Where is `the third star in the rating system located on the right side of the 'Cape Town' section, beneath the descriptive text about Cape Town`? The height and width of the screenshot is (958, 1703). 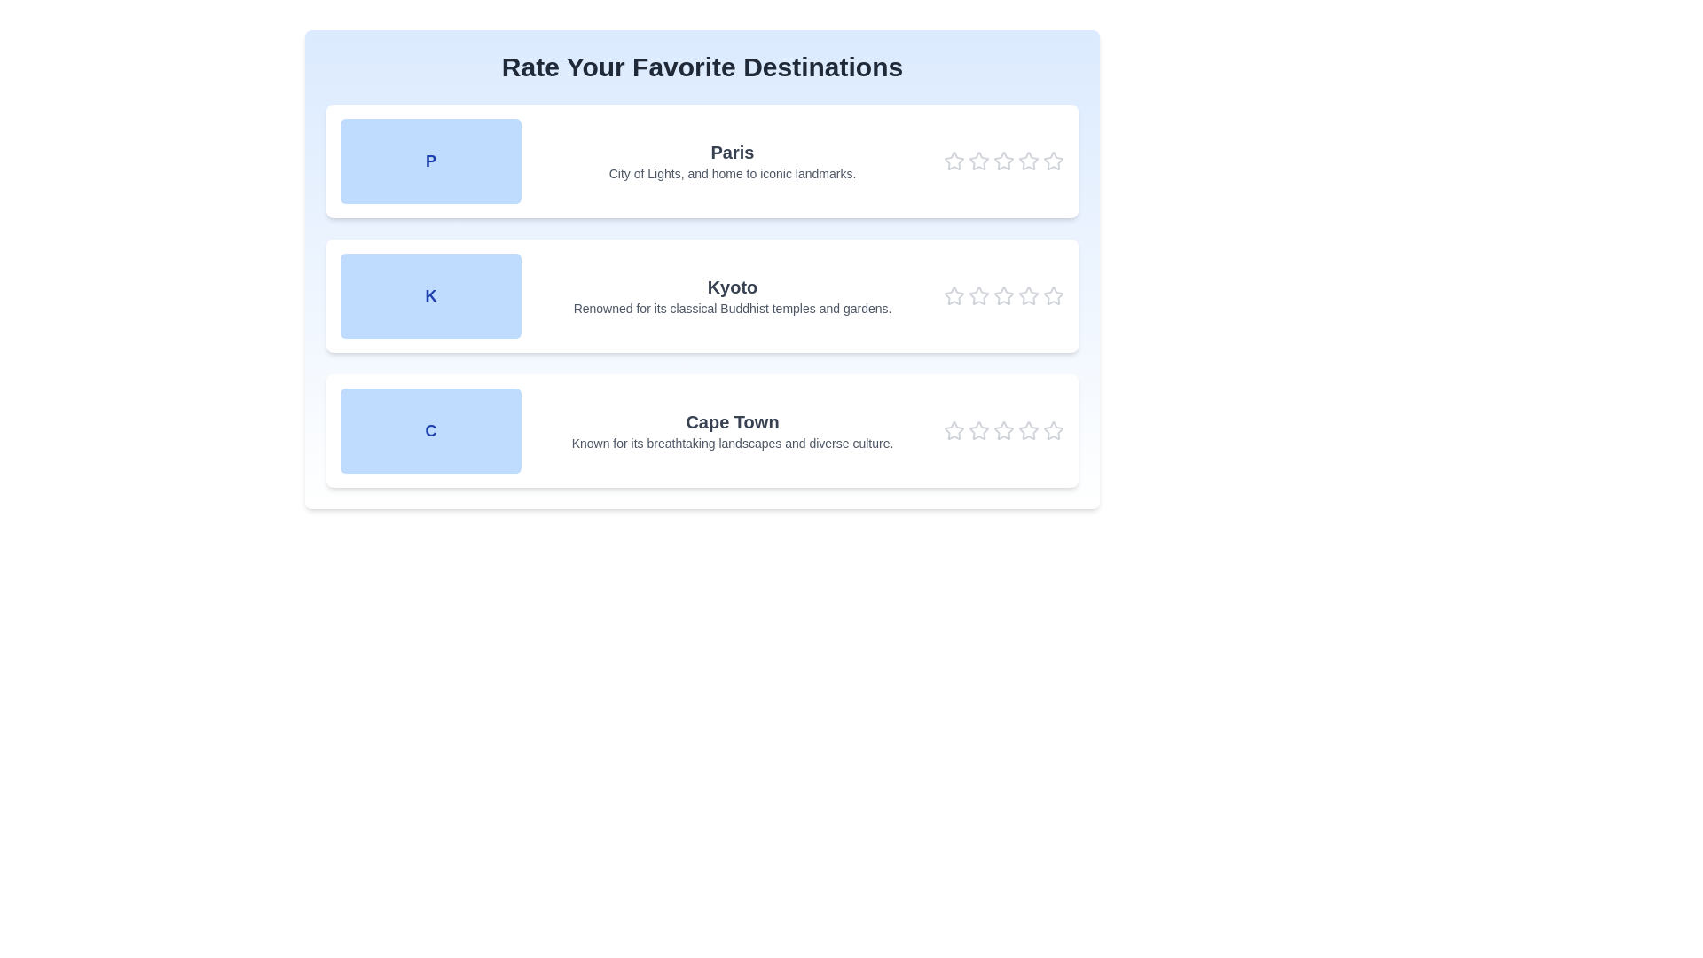
the third star in the rating system located on the right side of the 'Cape Town' section, beneath the descriptive text about Cape Town is located at coordinates (1004, 431).